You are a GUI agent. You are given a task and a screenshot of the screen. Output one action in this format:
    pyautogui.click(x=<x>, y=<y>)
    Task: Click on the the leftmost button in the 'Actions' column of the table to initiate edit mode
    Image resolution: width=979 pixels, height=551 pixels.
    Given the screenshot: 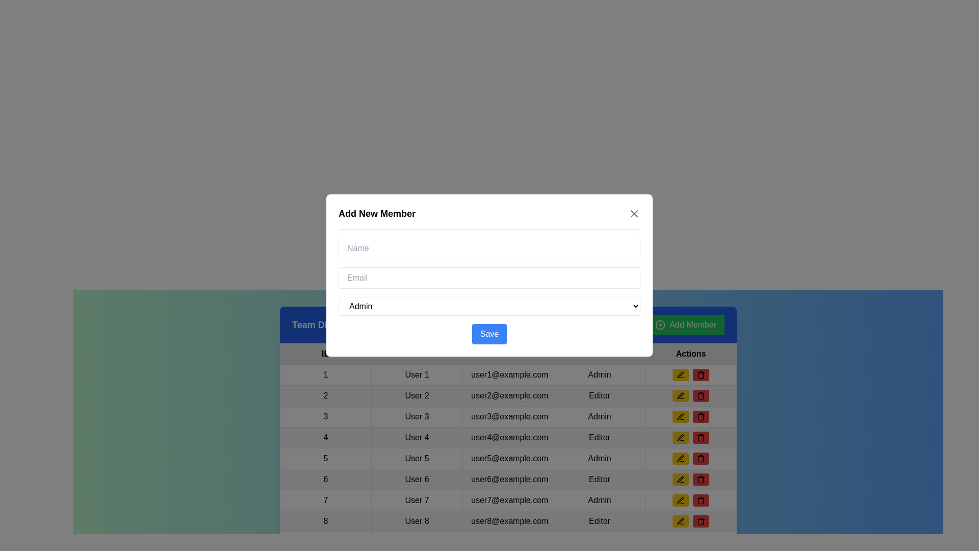 What is the action you would take?
    pyautogui.click(x=680, y=375)
    